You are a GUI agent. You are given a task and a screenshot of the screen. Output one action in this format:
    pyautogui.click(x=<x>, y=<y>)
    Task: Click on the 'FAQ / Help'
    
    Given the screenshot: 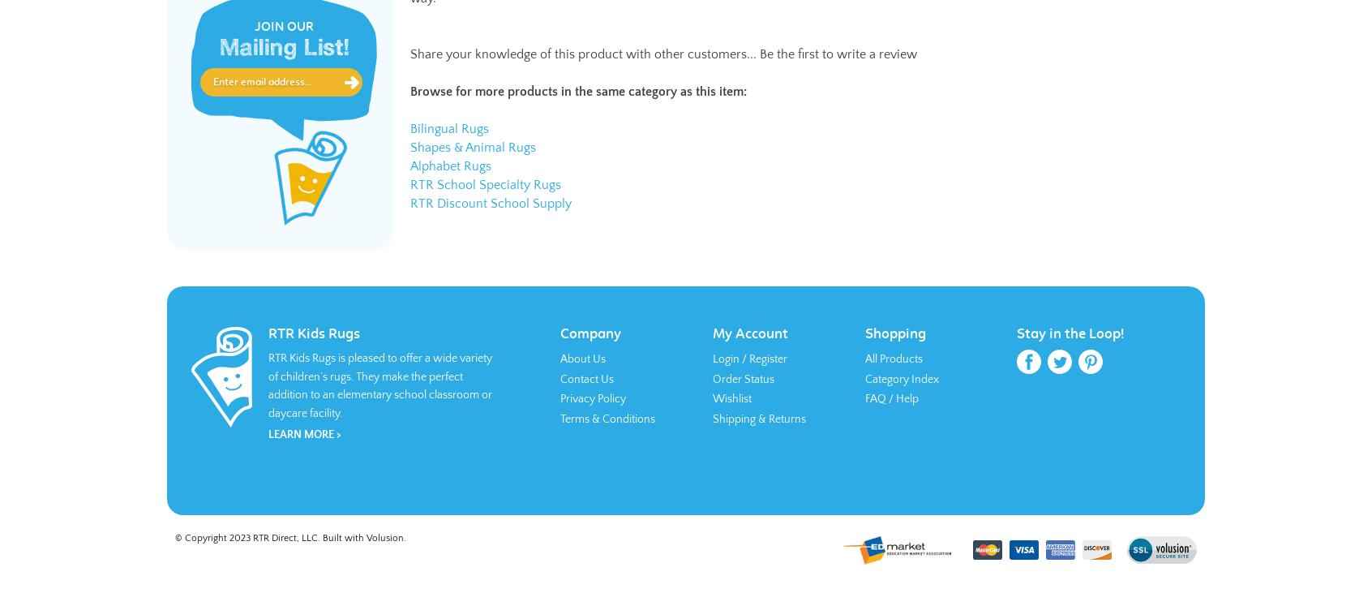 What is the action you would take?
    pyautogui.click(x=864, y=398)
    